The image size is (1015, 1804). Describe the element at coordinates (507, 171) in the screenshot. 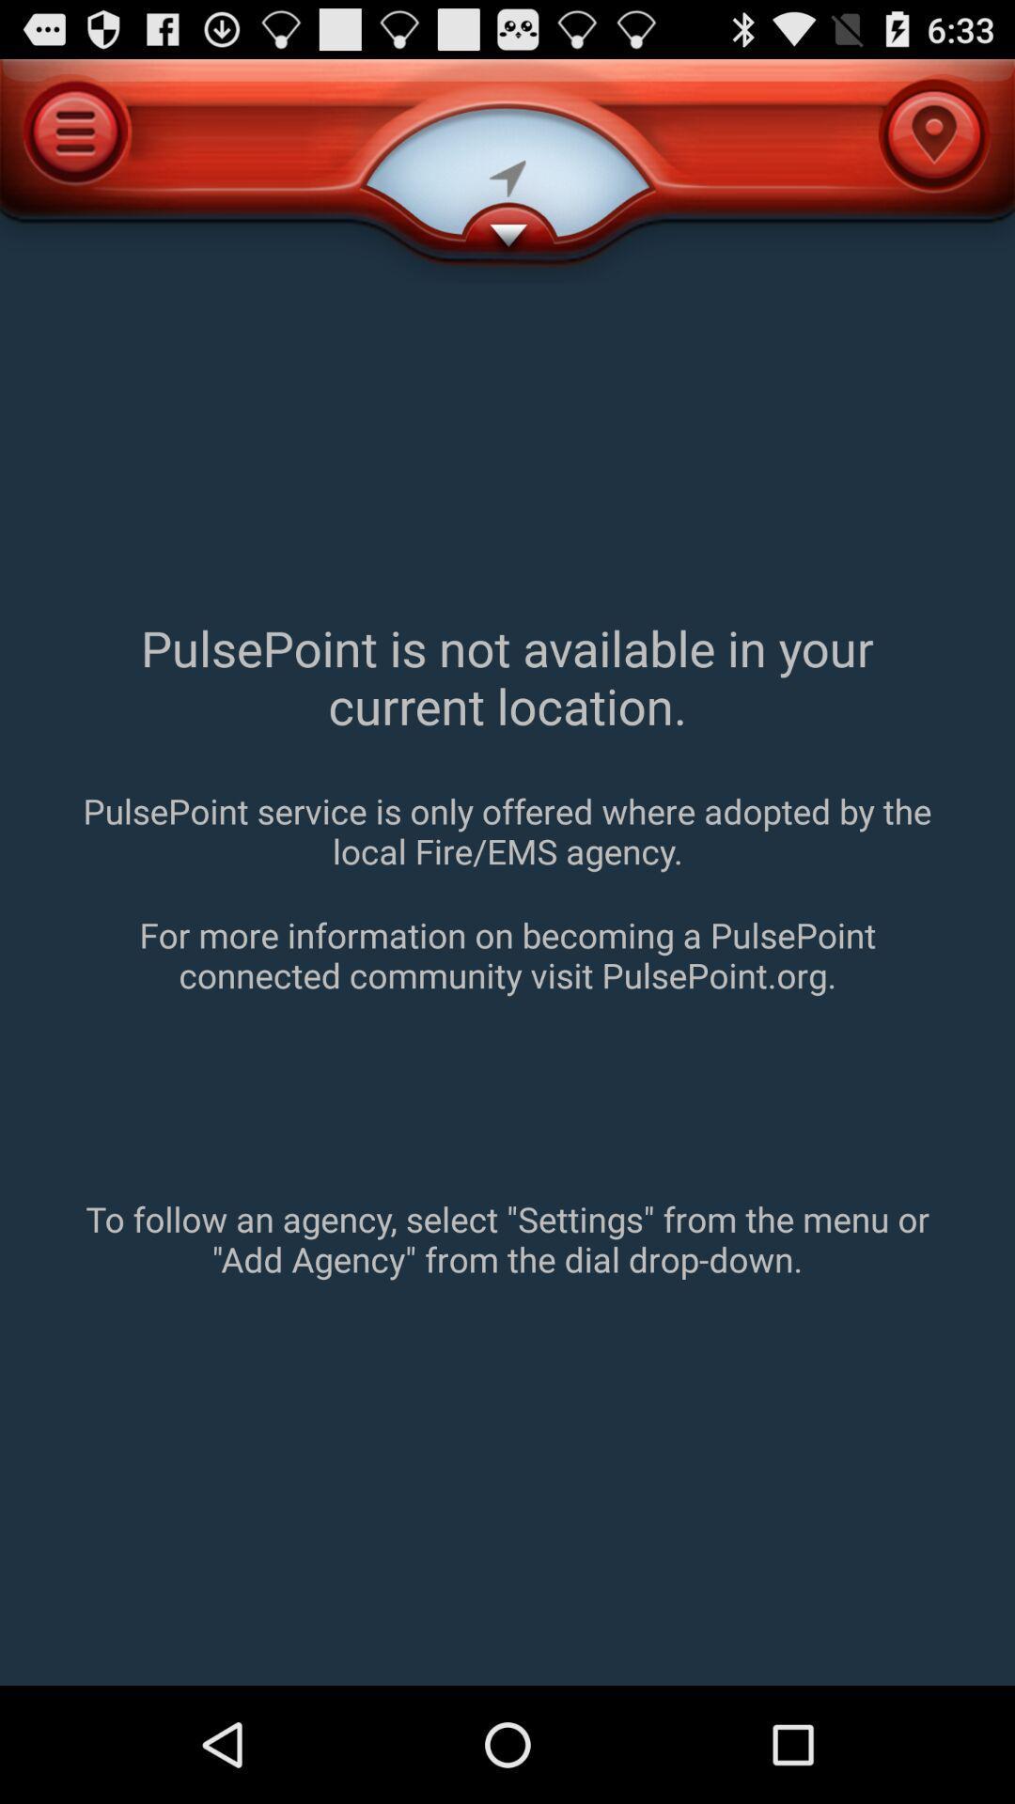

I see `the icon next to the menu icon` at that location.